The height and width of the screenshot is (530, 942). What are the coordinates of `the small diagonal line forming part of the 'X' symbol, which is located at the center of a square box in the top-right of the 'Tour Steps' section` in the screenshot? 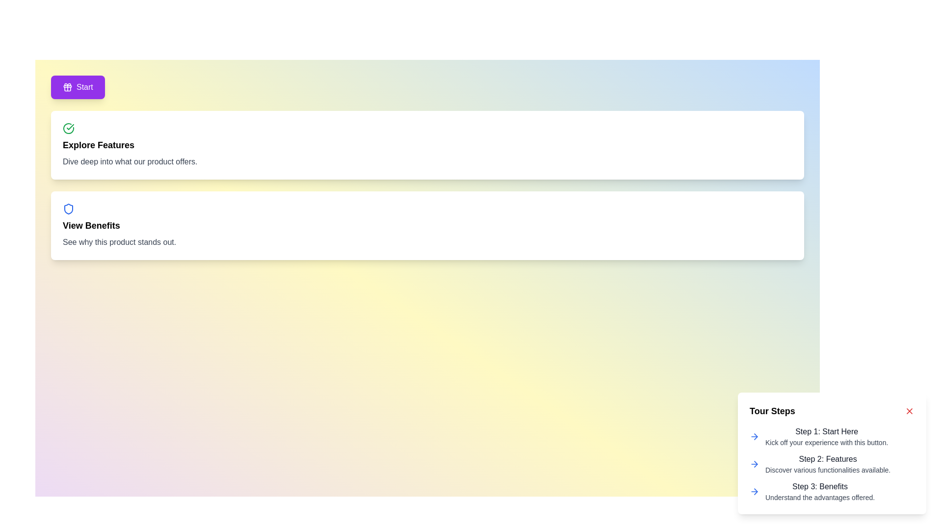 It's located at (909, 411).